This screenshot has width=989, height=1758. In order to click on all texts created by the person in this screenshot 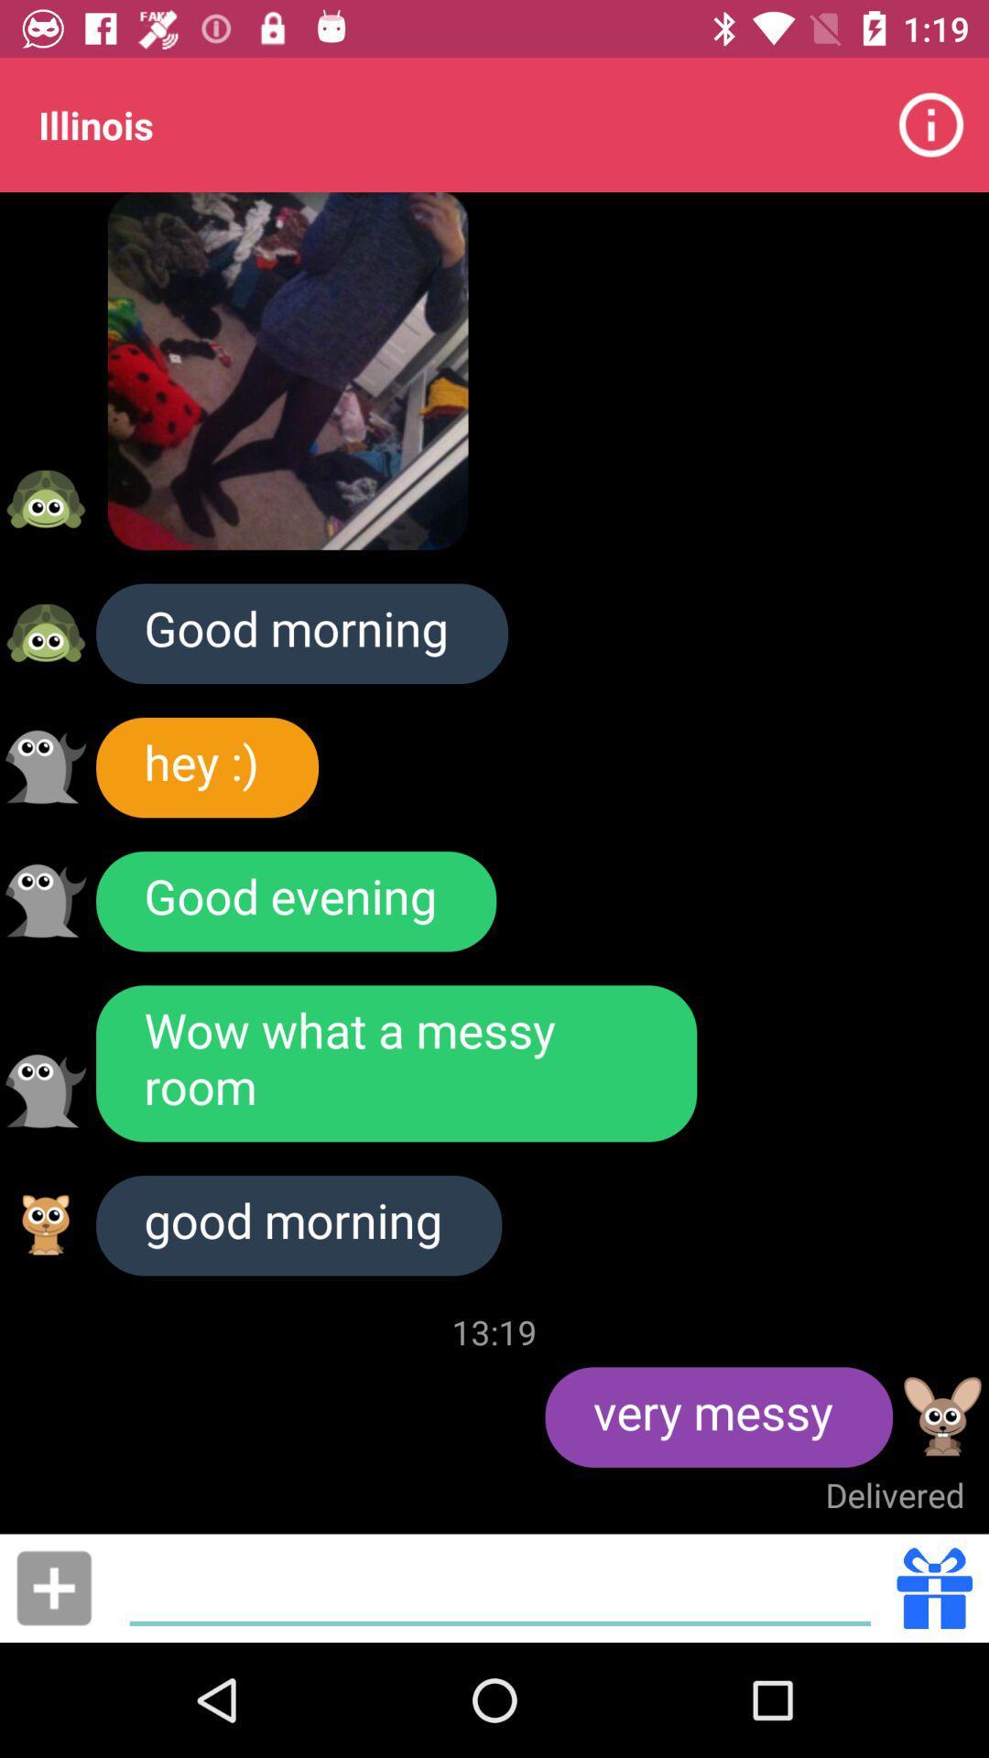, I will do `click(45, 766)`.